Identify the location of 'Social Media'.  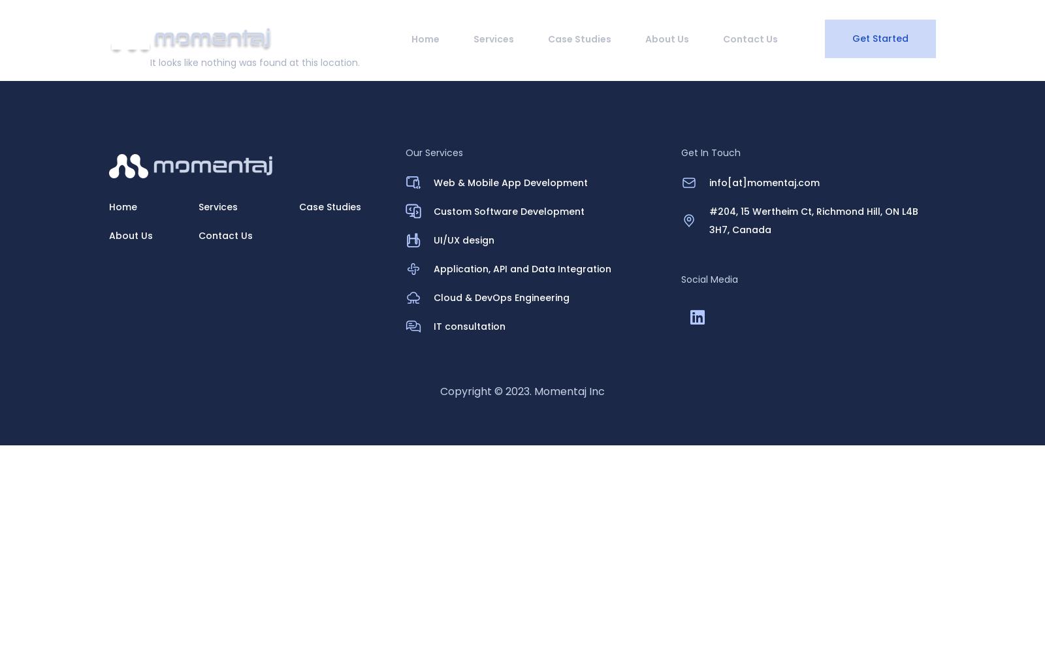
(709, 279).